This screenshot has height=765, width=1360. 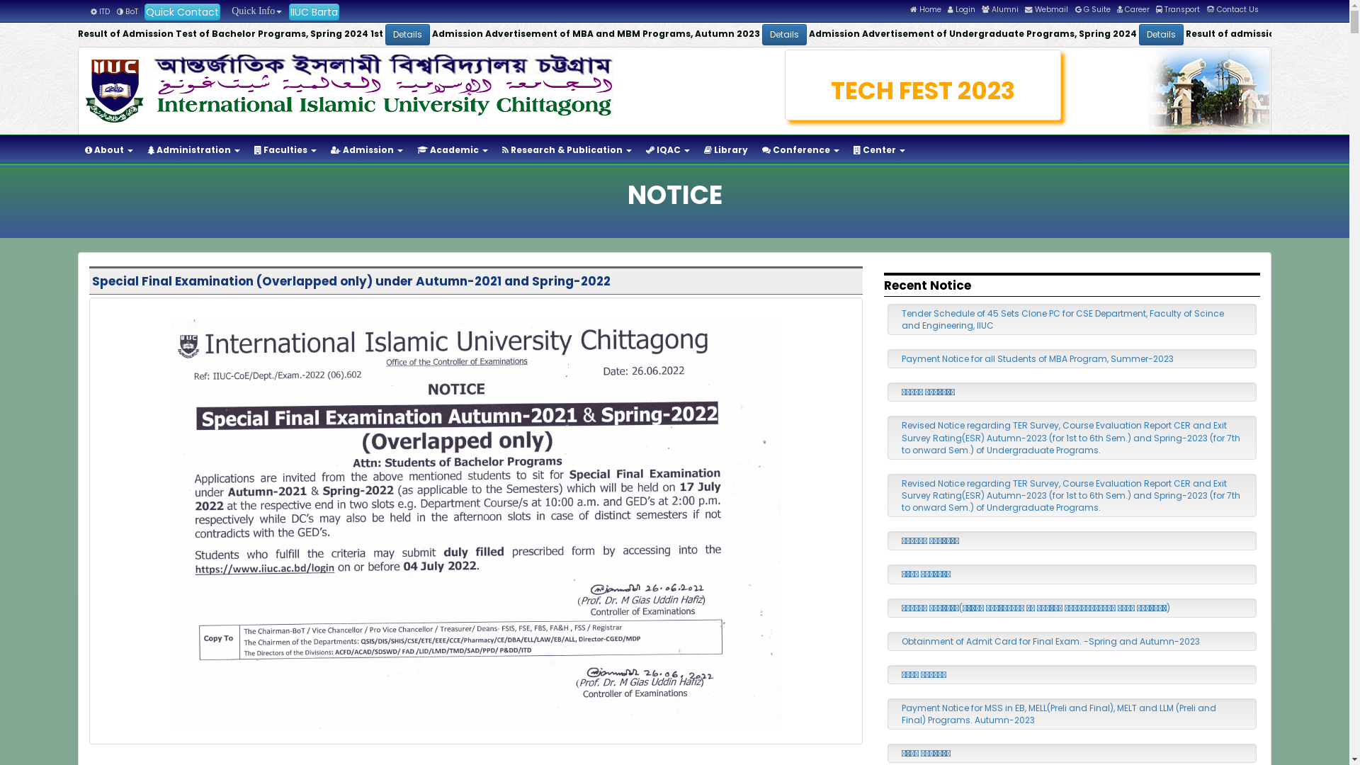 What do you see at coordinates (313, 11) in the screenshot?
I see `'IIUC Barta'` at bounding box center [313, 11].